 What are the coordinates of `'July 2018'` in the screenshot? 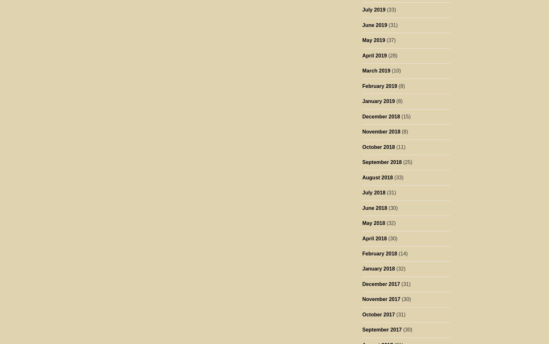 It's located at (373, 192).